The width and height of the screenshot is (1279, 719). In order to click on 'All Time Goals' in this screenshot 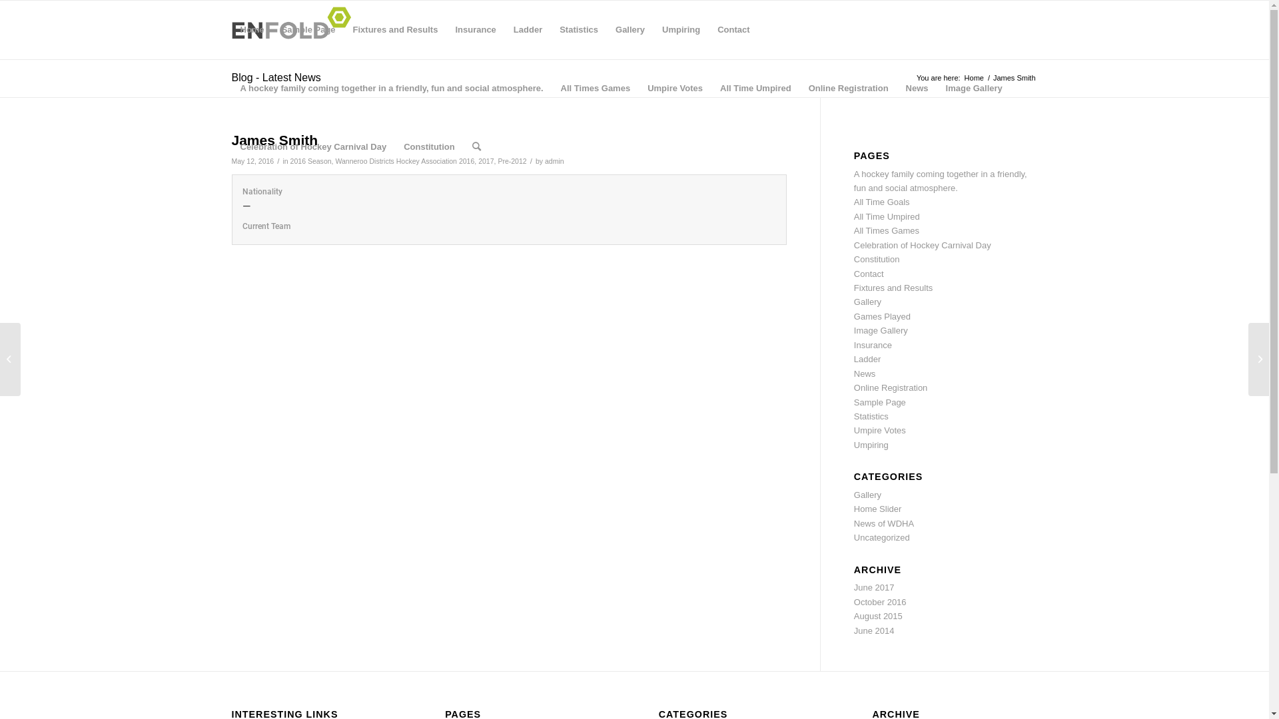, I will do `click(882, 202)`.